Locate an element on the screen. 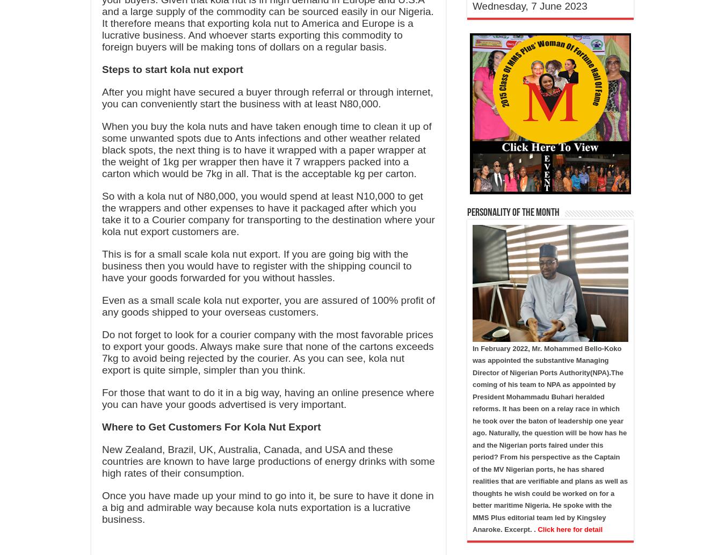  'Even as a small scale kola nut exporter, you are assured of 100% profit of any goods shipped to your overseas customers.' is located at coordinates (267, 306).